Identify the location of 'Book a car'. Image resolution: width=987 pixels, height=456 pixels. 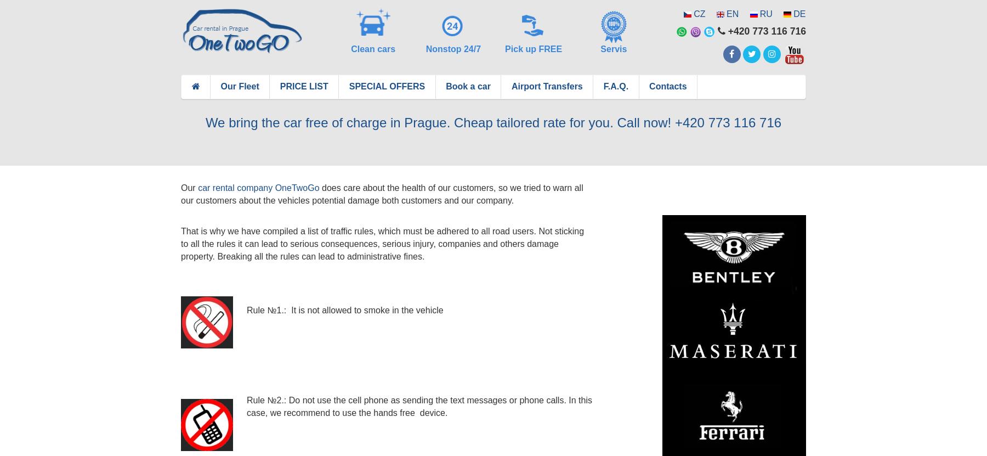
(446, 86).